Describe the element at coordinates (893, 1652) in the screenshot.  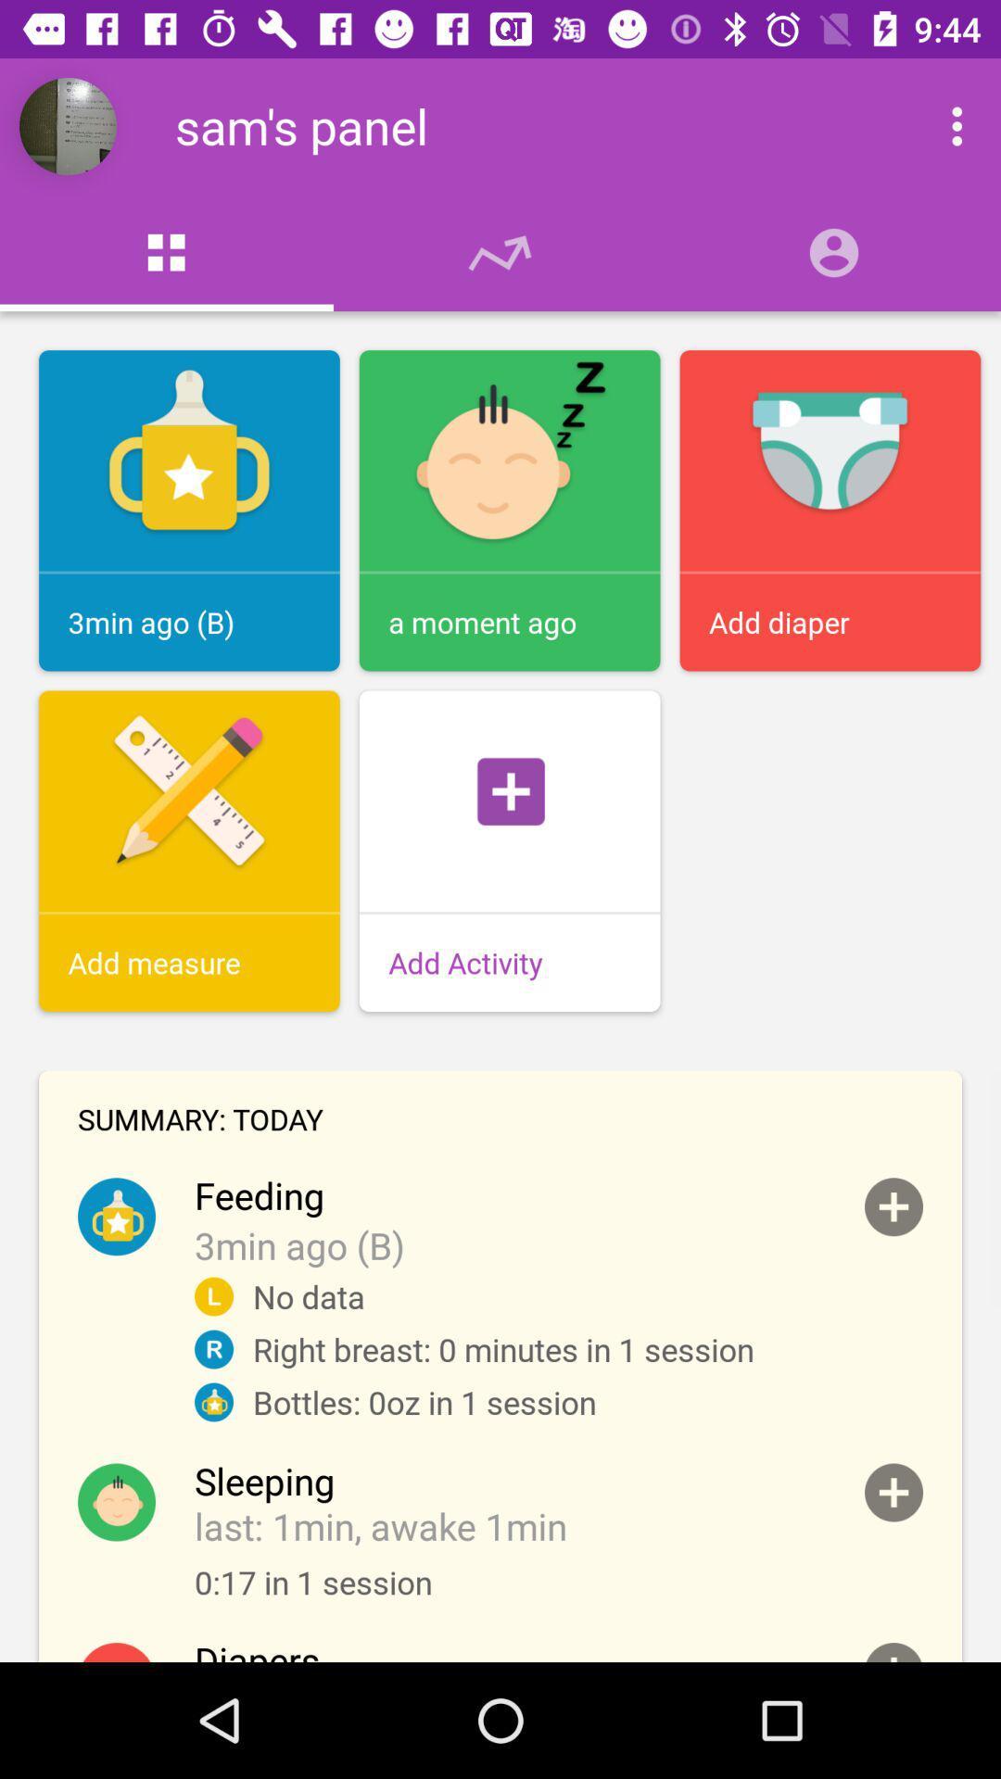
I see `see details` at that location.